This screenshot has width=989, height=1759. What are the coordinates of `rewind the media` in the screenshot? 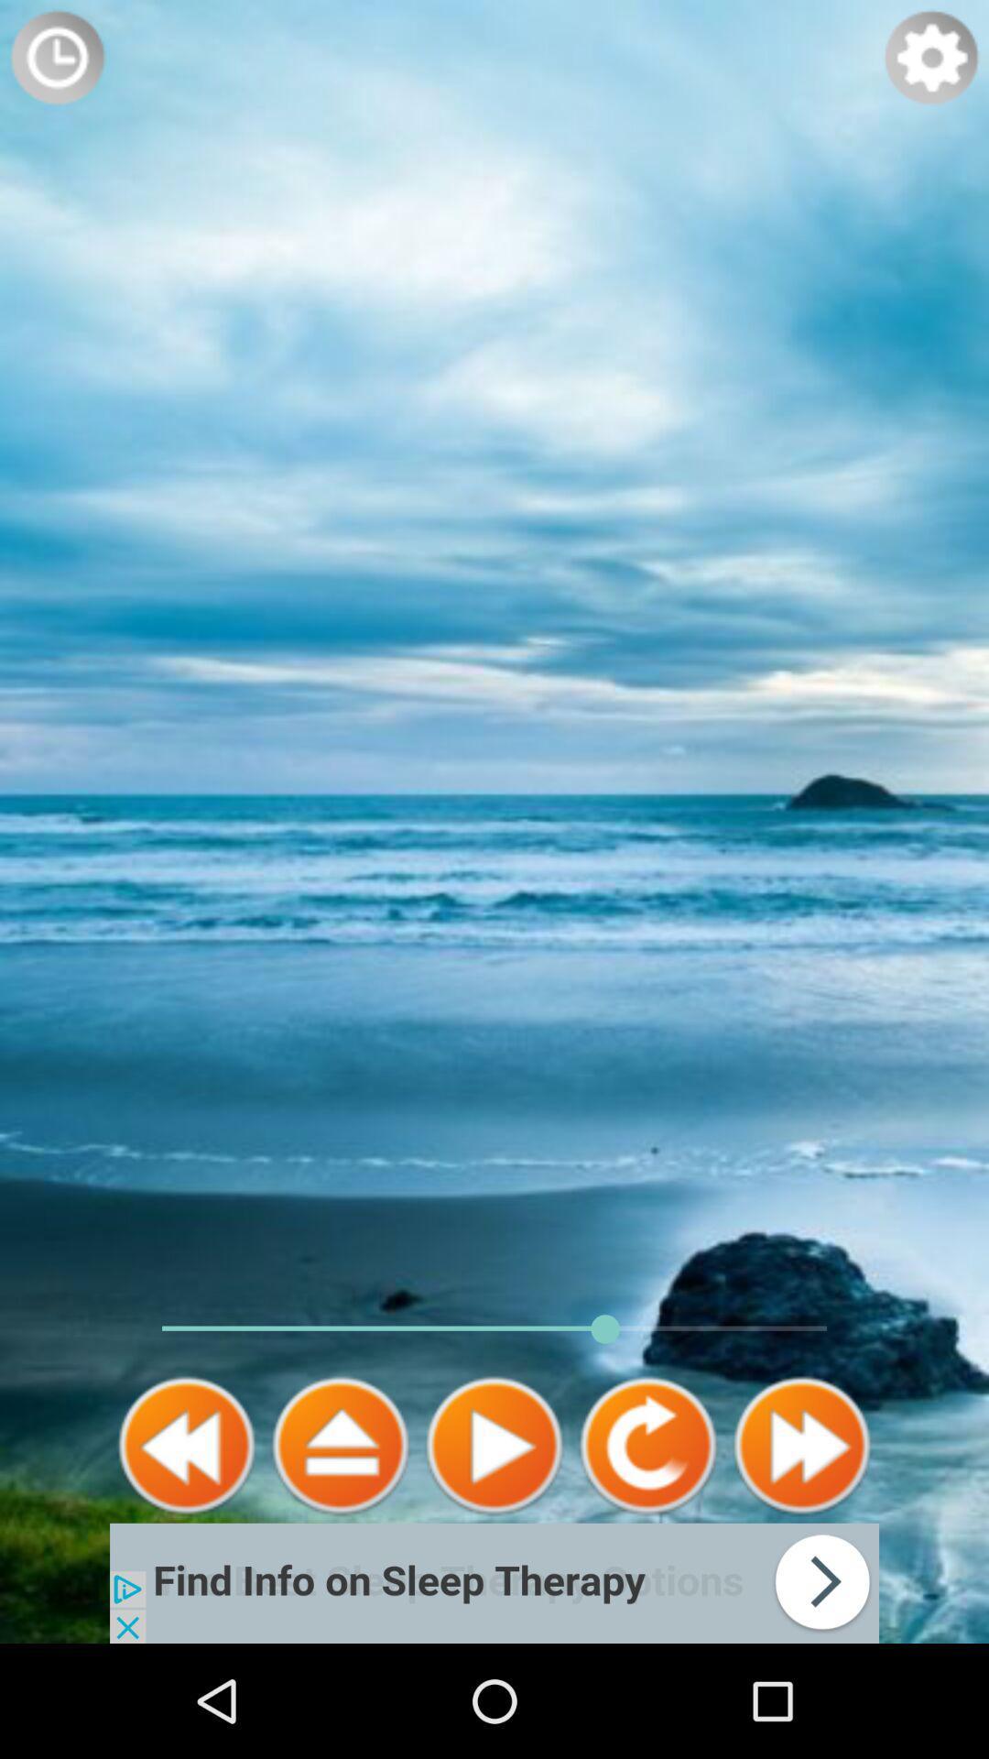 It's located at (187, 1445).